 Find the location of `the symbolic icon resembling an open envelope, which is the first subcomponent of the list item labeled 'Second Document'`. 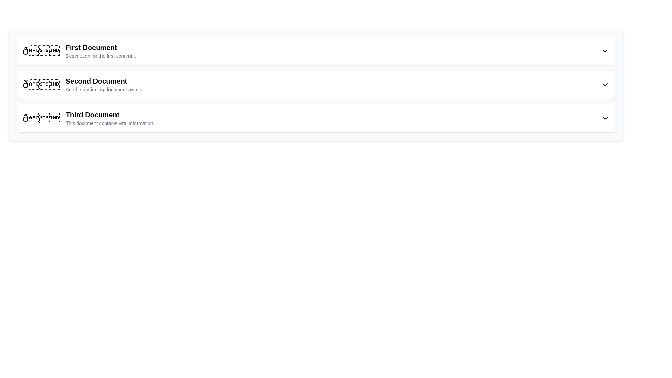

the symbolic icon resembling an open envelope, which is the first subcomponent of the list item labeled 'Second Document' is located at coordinates (41, 84).